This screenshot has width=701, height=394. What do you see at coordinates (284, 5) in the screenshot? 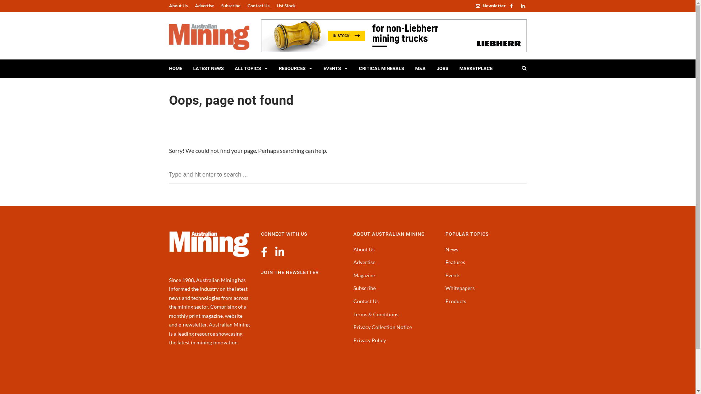
I see `'List Stock'` at bounding box center [284, 5].